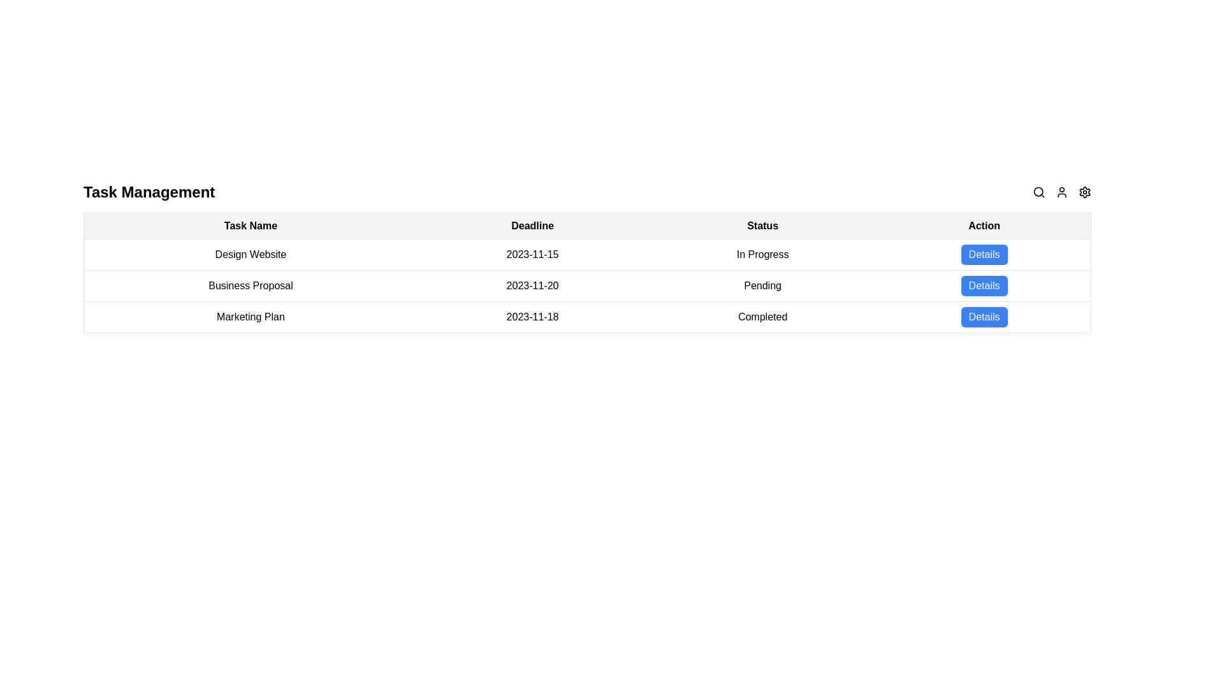 This screenshot has height=688, width=1224. Describe the element at coordinates (251, 255) in the screenshot. I see `the Text label for the task 'Design Website' located in the first row of the 'Task Name' column, which serves as an identifier for the associated task` at that location.